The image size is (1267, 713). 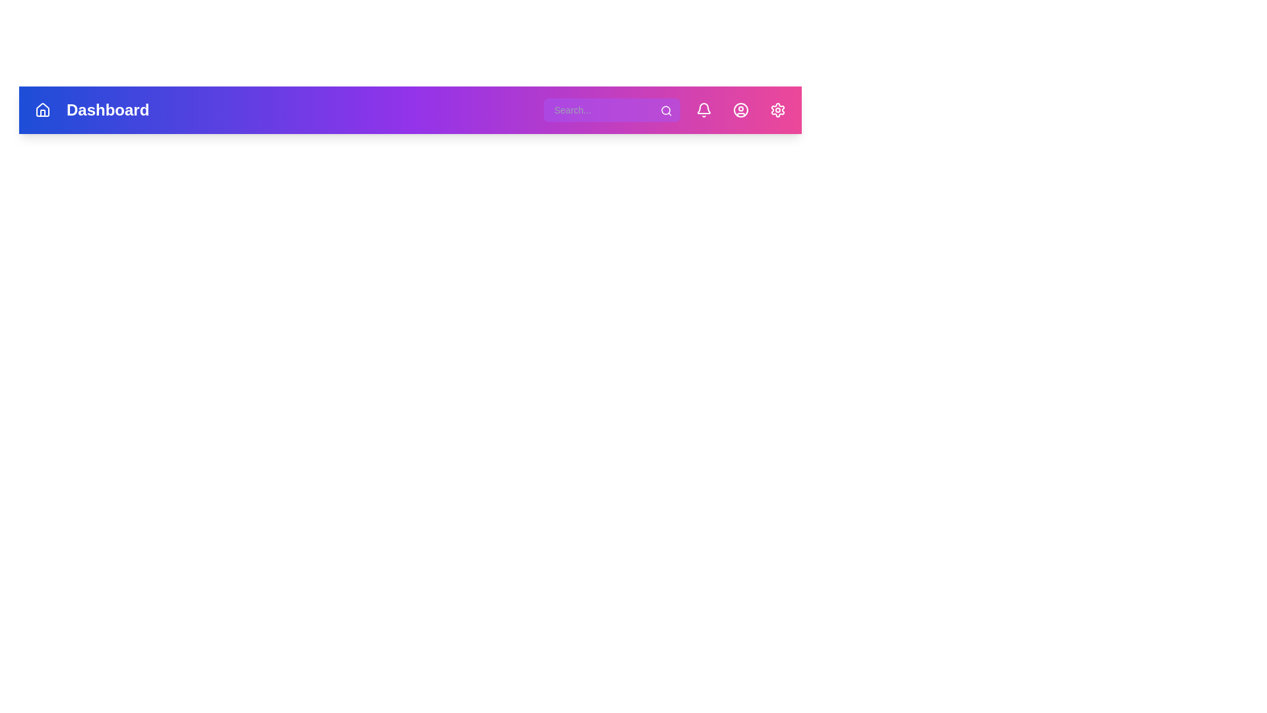 I want to click on Notifications button to view notifications, so click(x=703, y=109).